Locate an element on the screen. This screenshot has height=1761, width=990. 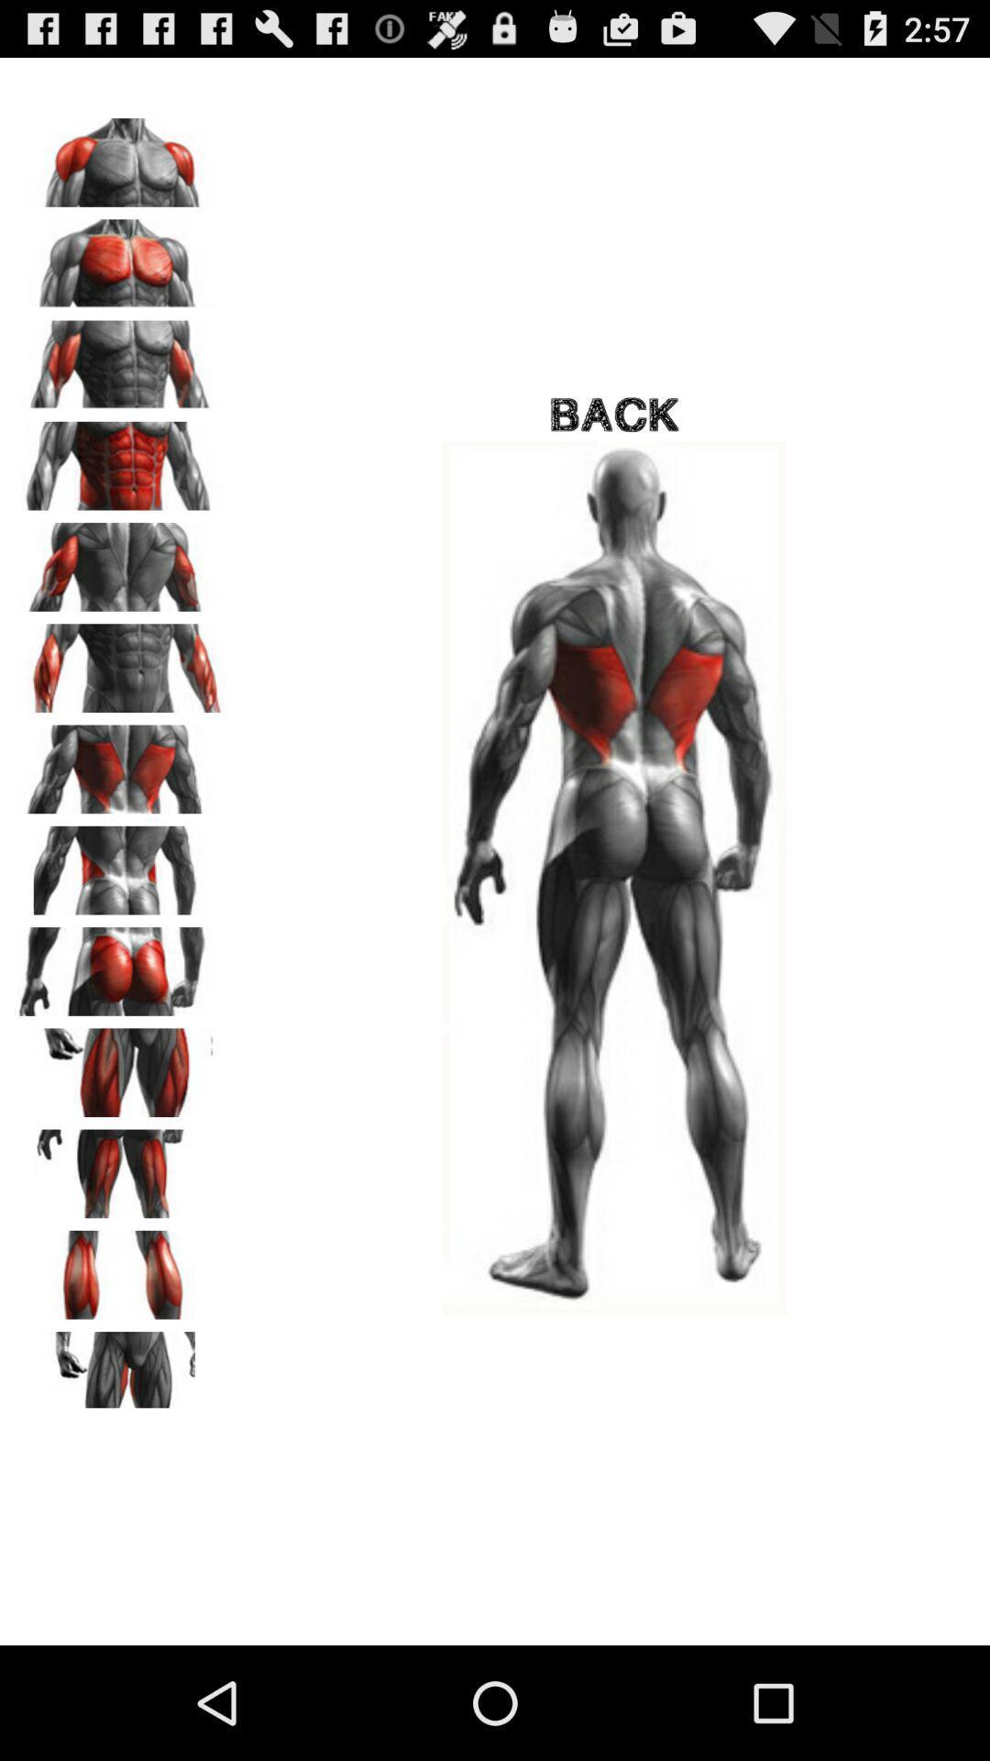
muscle group is located at coordinates (120, 156).